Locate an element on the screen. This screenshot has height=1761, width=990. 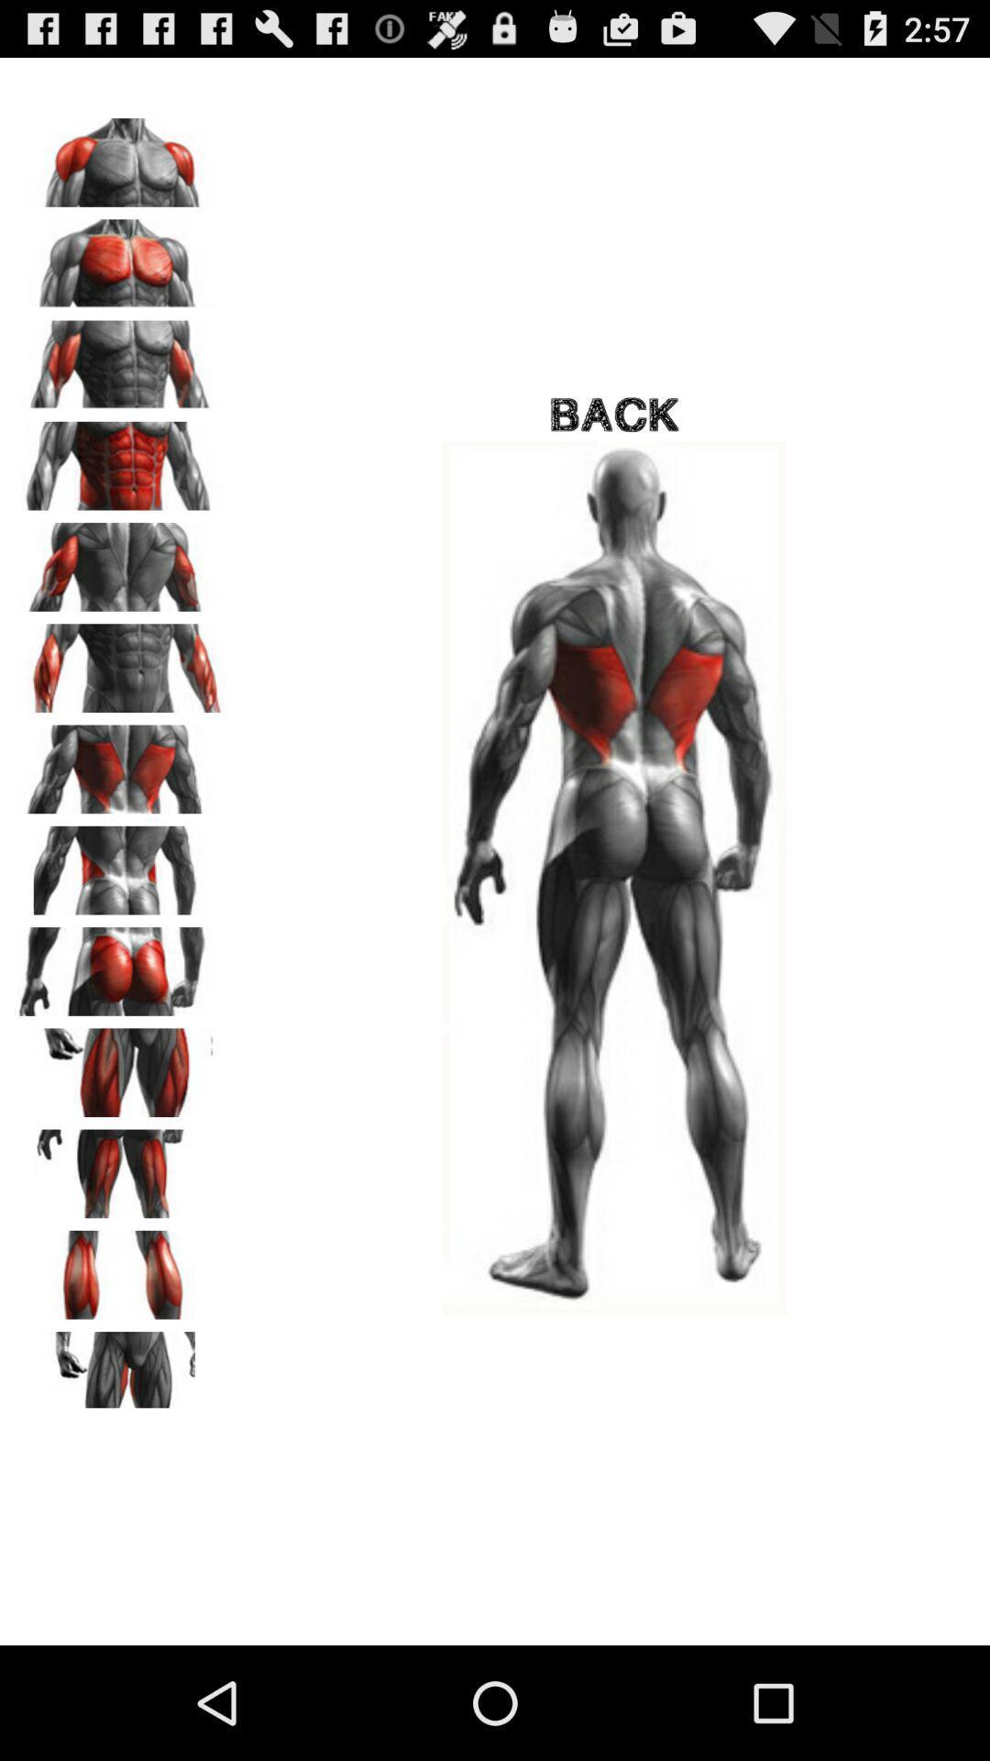
muscle group is located at coordinates (120, 156).